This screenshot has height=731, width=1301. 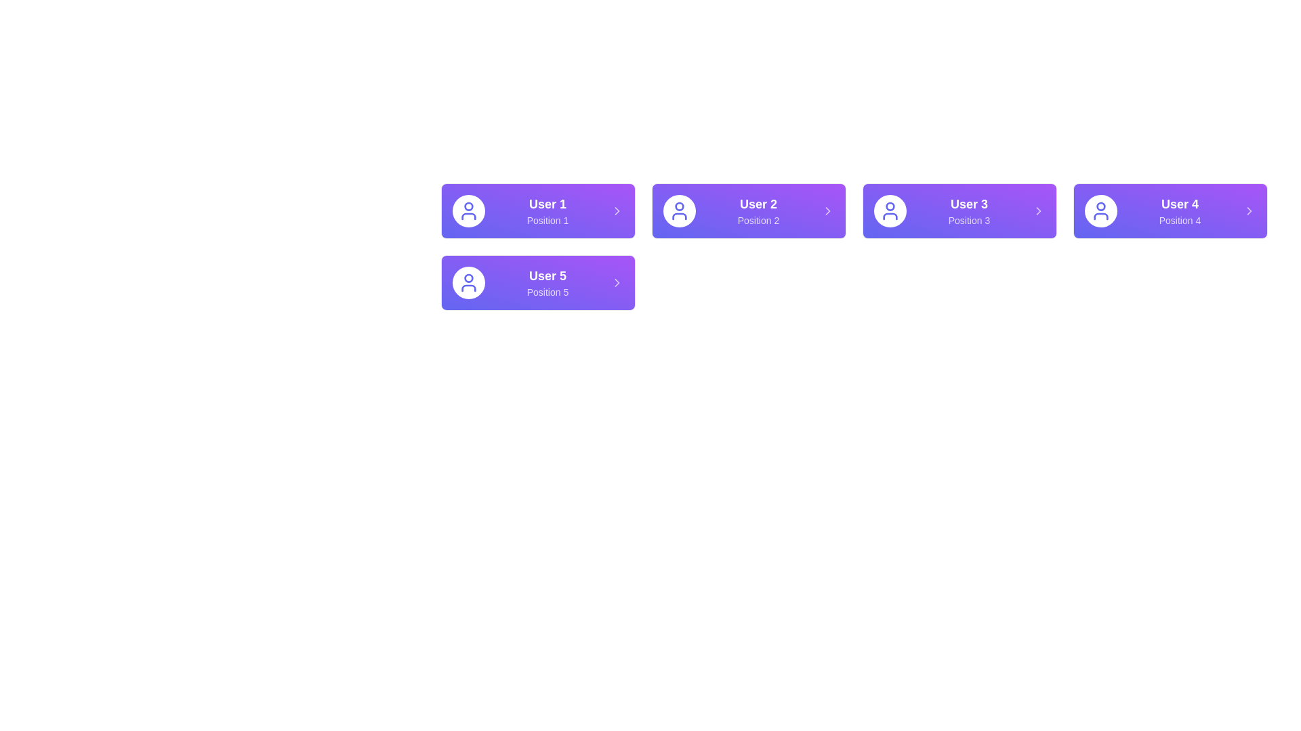 What do you see at coordinates (1170, 211) in the screenshot?
I see `the fourth card in the top row of user cards, which contains 'User 4' and 'Position 4'` at bounding box center [1170, 211].